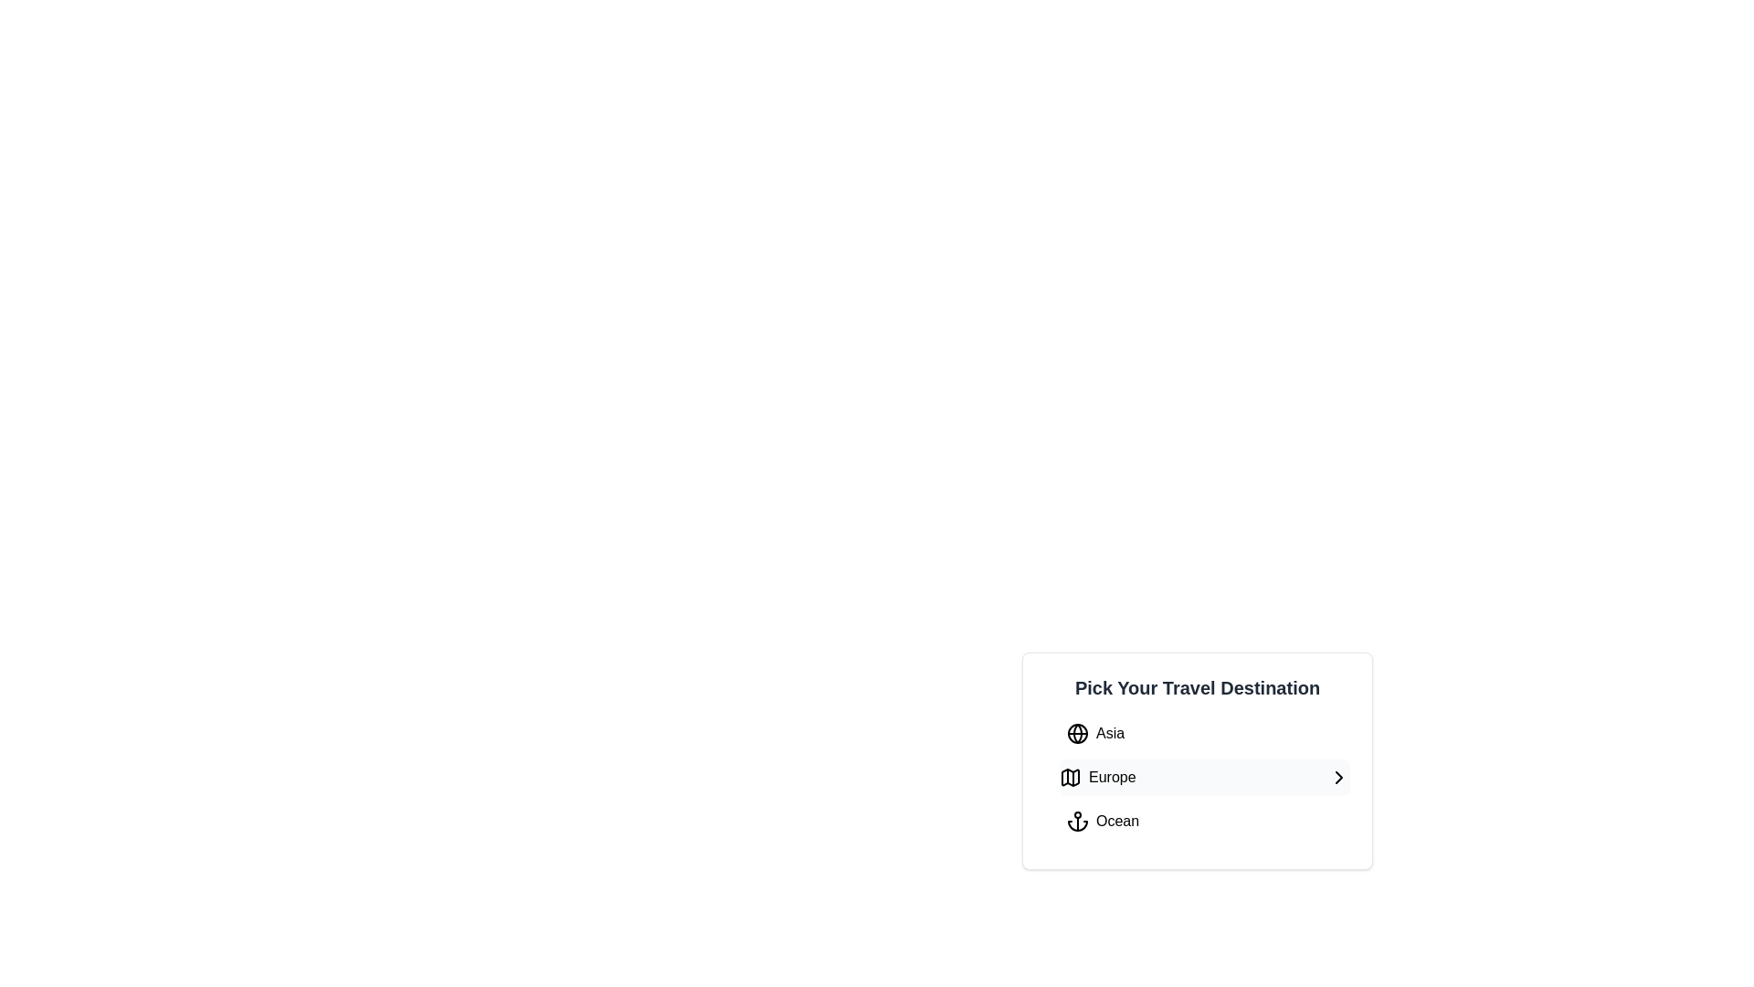 Image resolution: width=1754 pixels, height=987 pixels. I want to click on the 'Europe' list item in the selection menu, so click(1205, 778).